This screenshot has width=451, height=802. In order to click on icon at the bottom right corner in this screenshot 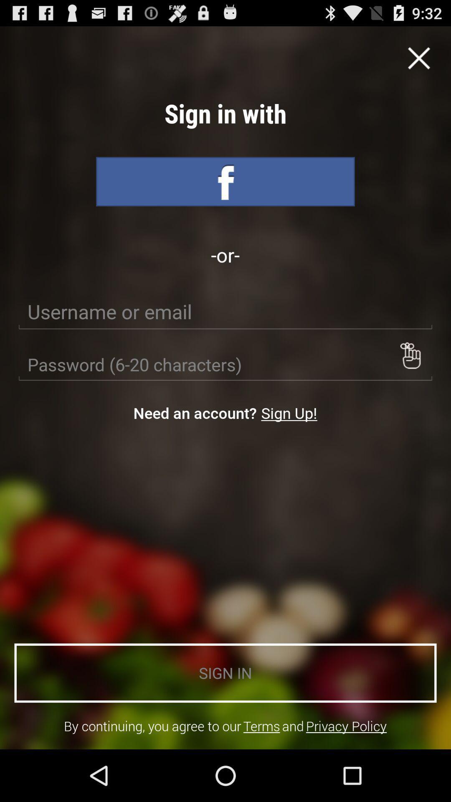, I will do `click(346, 726)`.